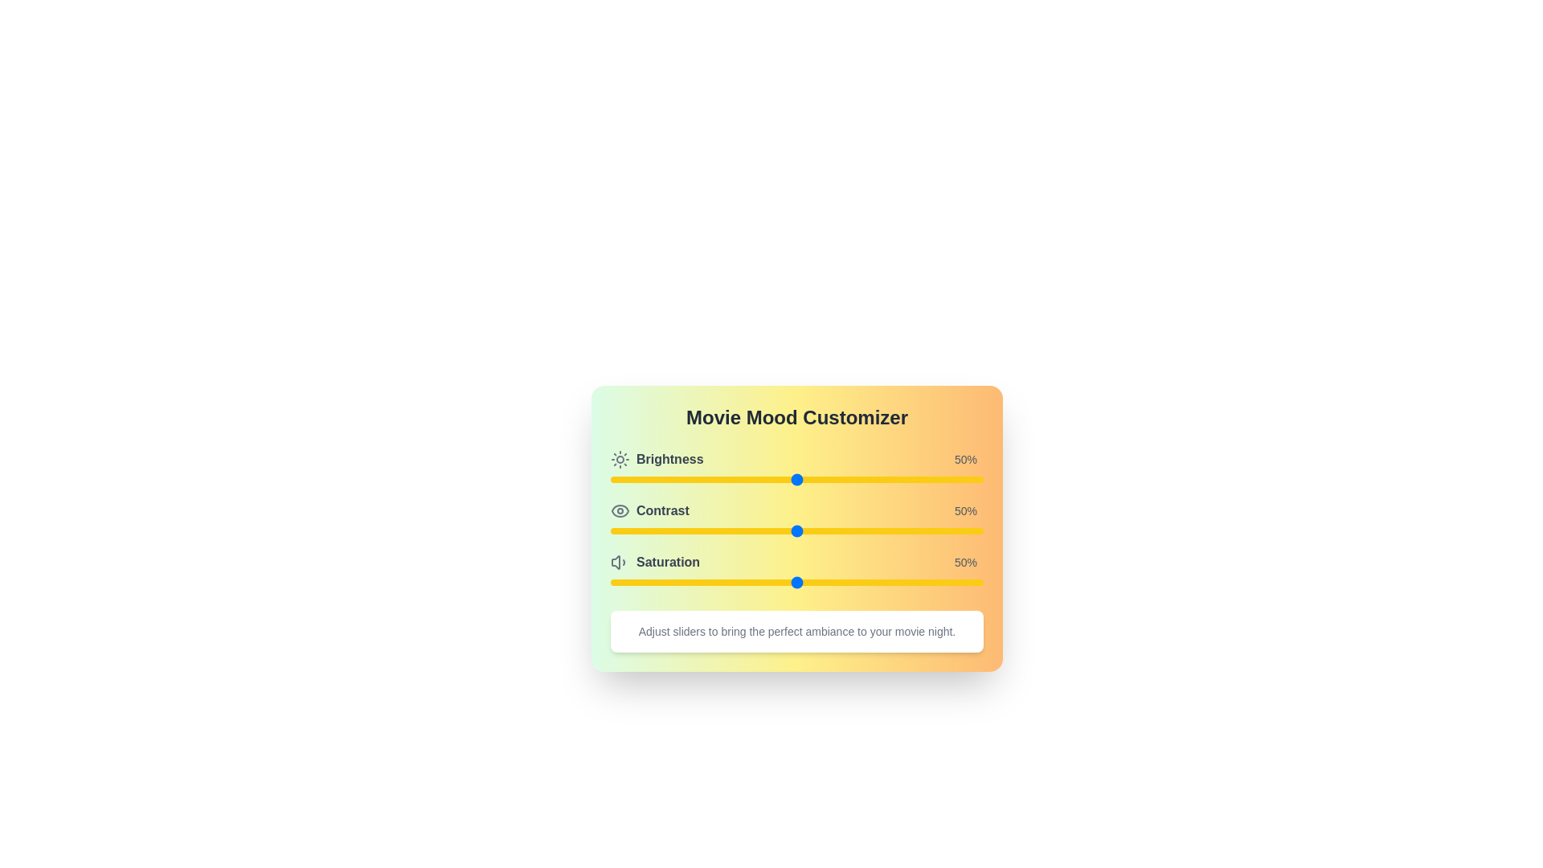 The height and width of the screenshot is (868, 1543). What do you see at coordinates (714, 530) in the screenshot?
I see `the contrast level` at bounding box center [714, 530].